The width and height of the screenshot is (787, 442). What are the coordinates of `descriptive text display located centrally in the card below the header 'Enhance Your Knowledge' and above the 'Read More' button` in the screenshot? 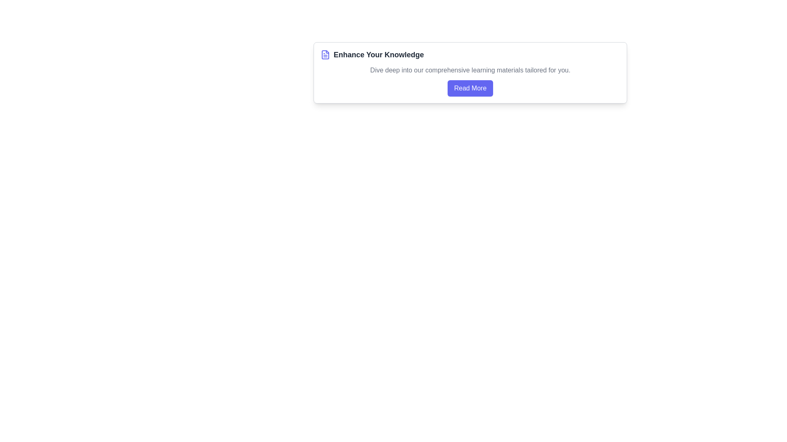 It's located at (470, 70).